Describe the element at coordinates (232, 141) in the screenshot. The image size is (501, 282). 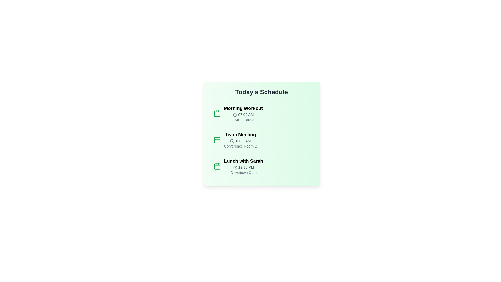
I see `the clock icon for the Team Meeting event` at that location.